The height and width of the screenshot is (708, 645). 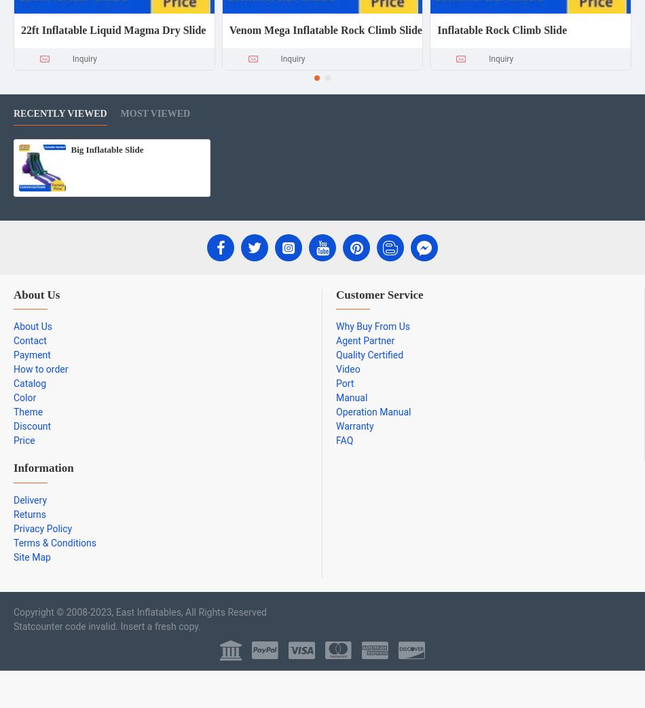 I want to click on 'Video', so click(x=348, y=369).